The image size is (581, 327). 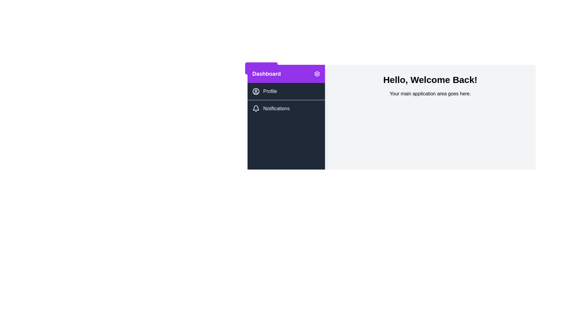 I want to click on the 'Profile' text label located on the left panel beneath the 'Dashboard' section, which indicates the profile section of the application, so click(x=270, y=91).